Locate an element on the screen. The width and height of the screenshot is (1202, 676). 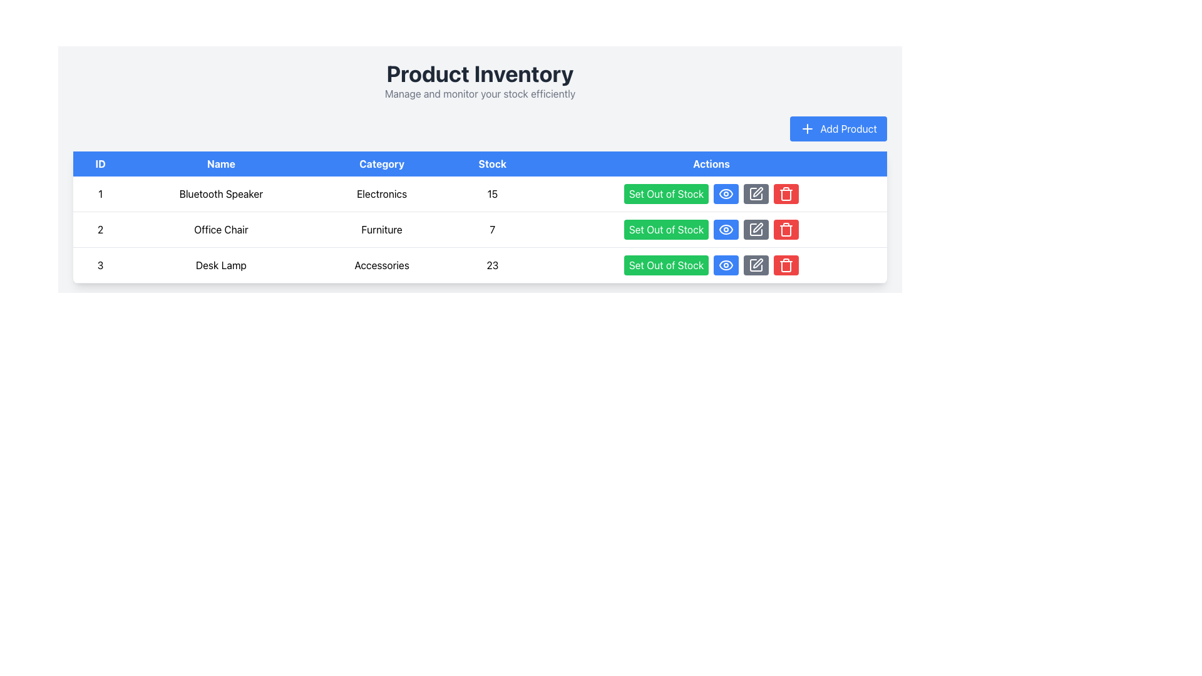
the text displaying the stock quantity of the product 'Desk Lamp', located in the 'Stock' column and the third row of the table is located at coordinates (491, 265).